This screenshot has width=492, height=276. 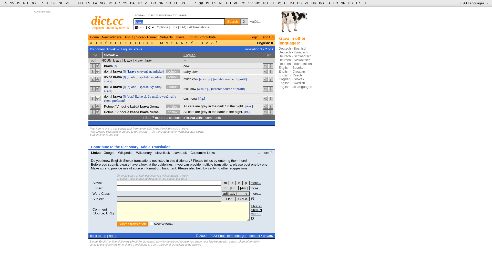 I want to click on 'PT', so click(x=67, y=3).